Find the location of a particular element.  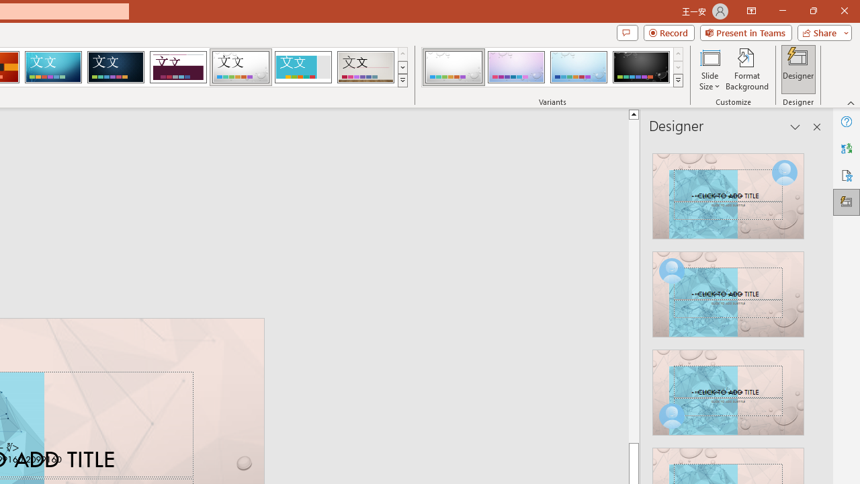

'AutomationID: ThemeVariantsGallery' is located at coordinates (553, 67).